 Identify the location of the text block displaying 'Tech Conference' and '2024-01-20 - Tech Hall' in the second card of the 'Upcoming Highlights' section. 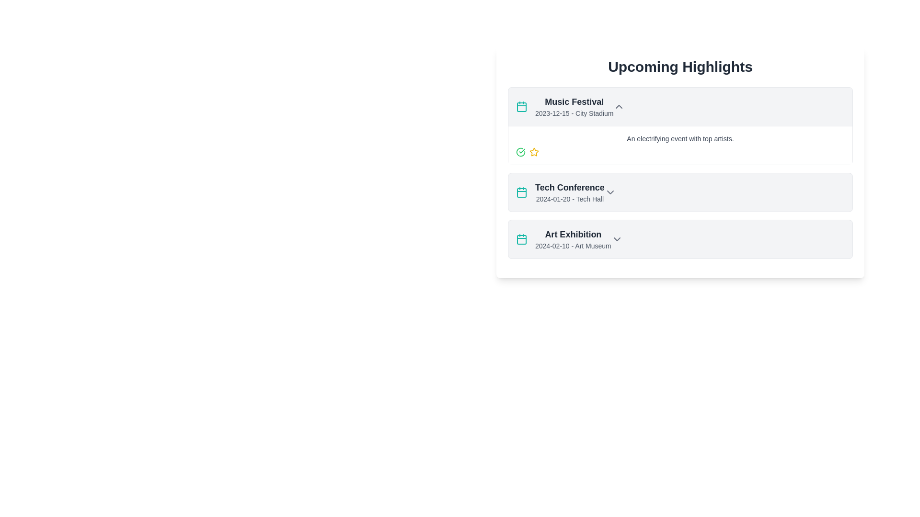
(570, 192).